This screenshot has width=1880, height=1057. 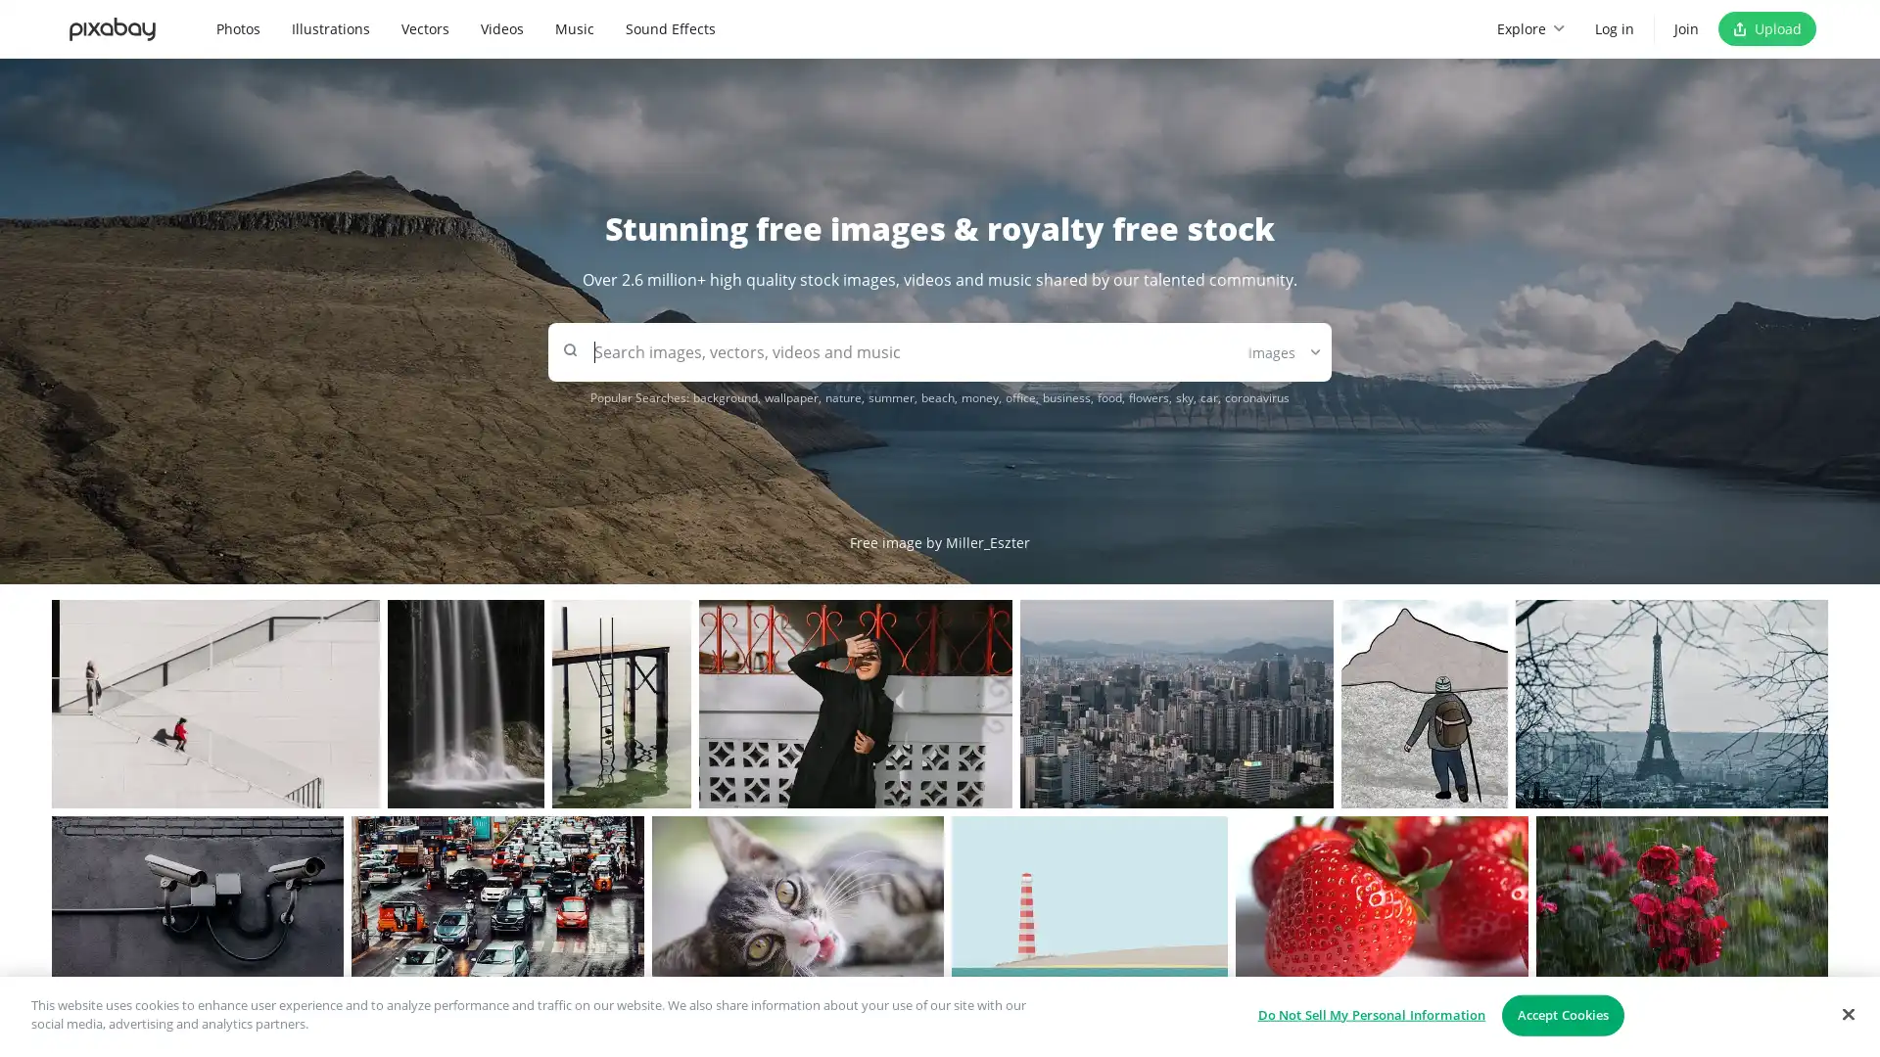 What do you see at coordinates (1529, 28) in the screenshot?
I see `Explore` at bounding box center [1529, 28].